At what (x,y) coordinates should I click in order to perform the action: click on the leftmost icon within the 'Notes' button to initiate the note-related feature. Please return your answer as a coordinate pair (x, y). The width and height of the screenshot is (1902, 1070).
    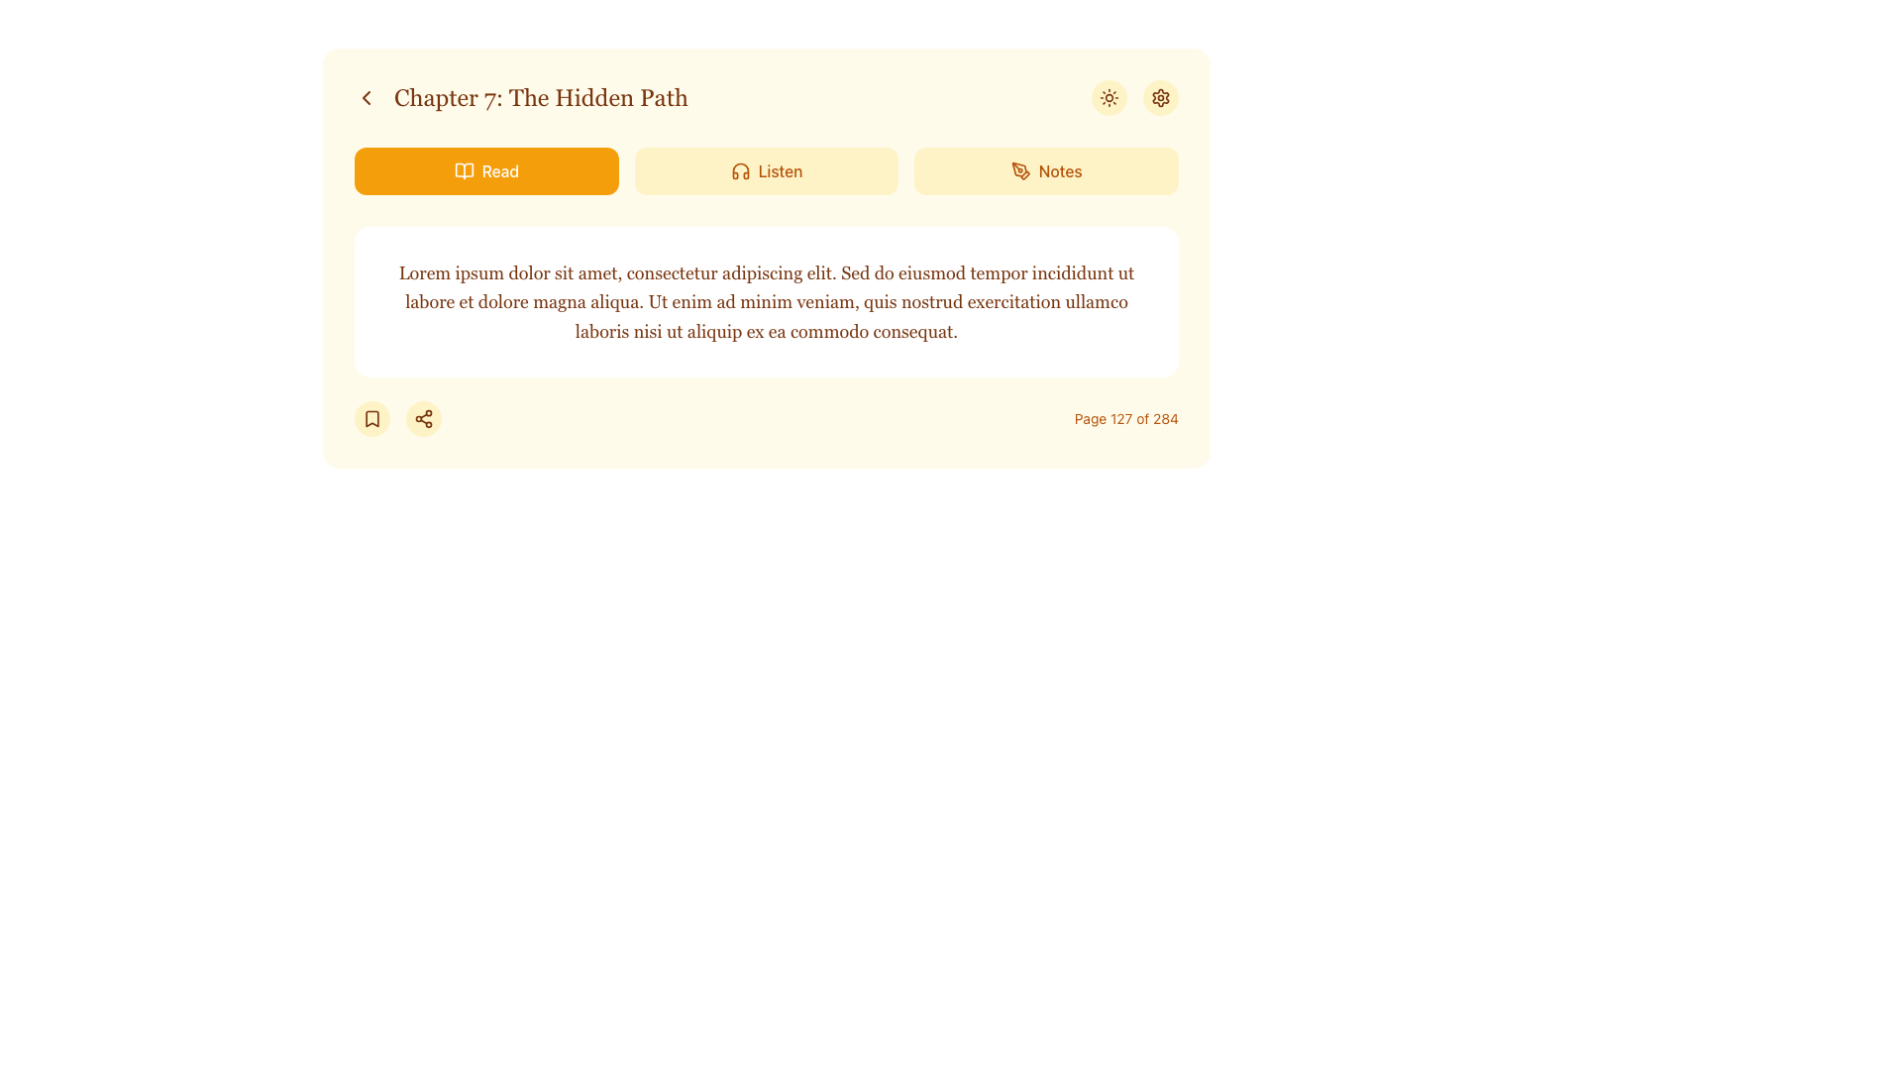
    Looking at the image, I should click on (1020, 170).